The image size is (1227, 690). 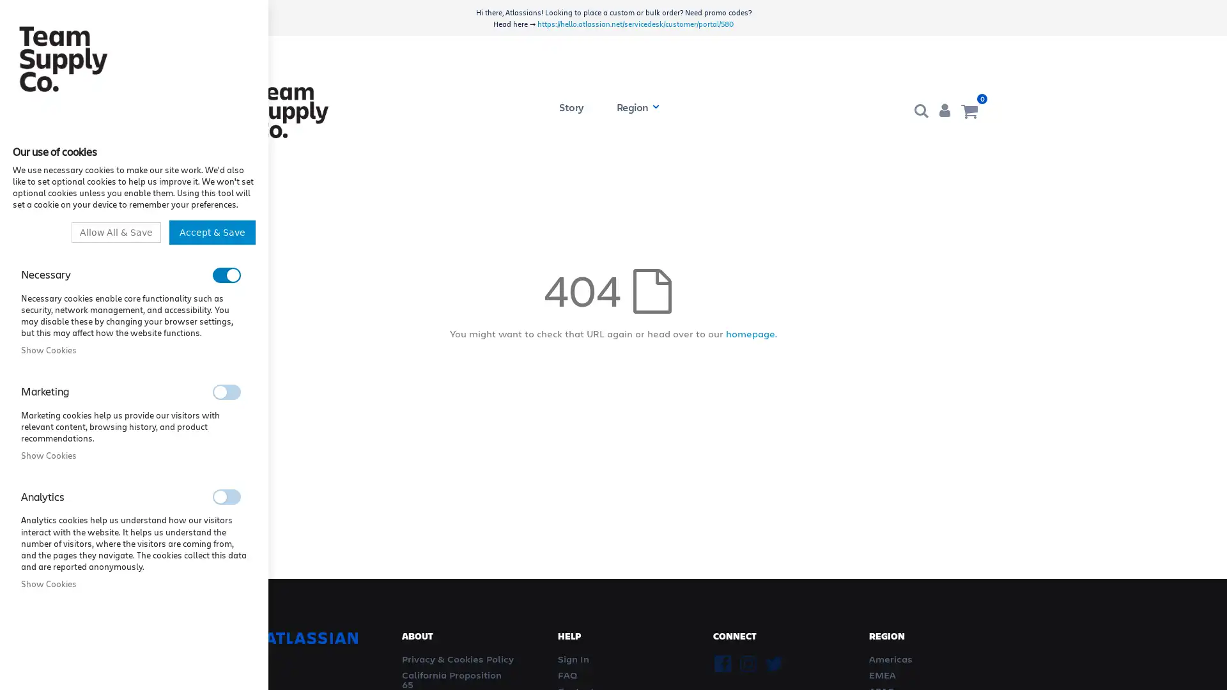 I want to click on Accept & Save, so click(x=215, y=231).